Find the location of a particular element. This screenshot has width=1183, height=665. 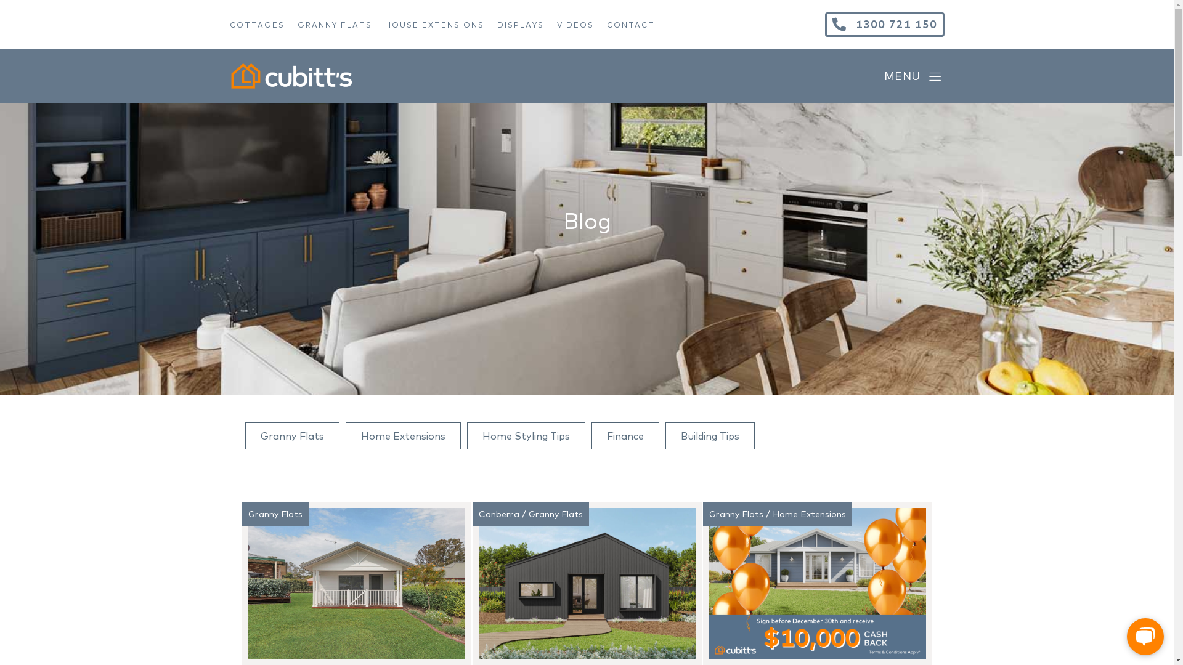

'Home Styling Tips' is located at coordinates (526, 435).